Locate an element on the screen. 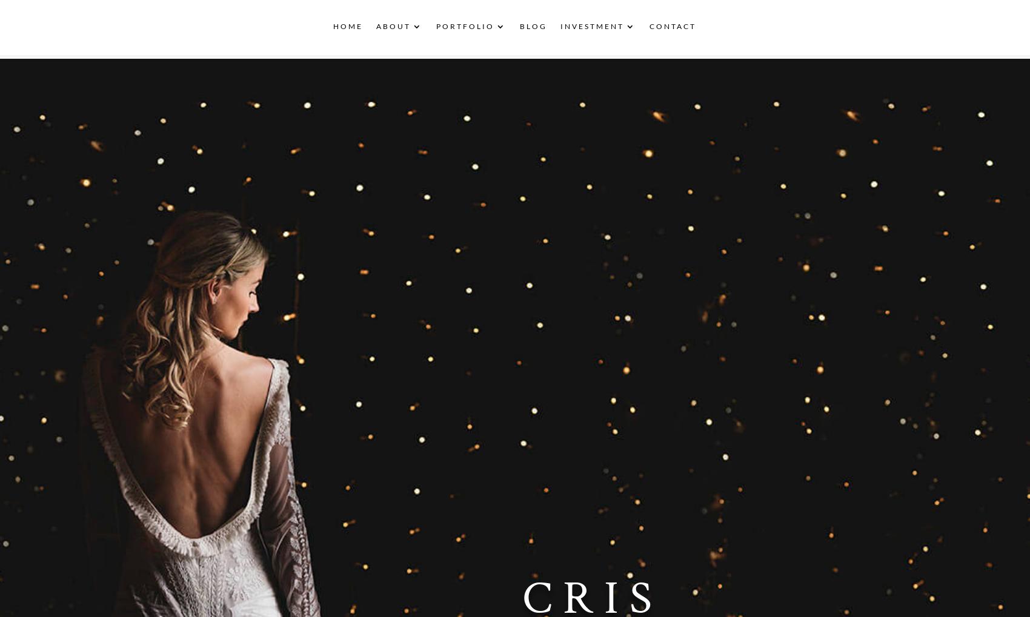 Image resolution: width=1030 pixels, height=617 pixels. 'Contact' is located at coordinates (672, 30).